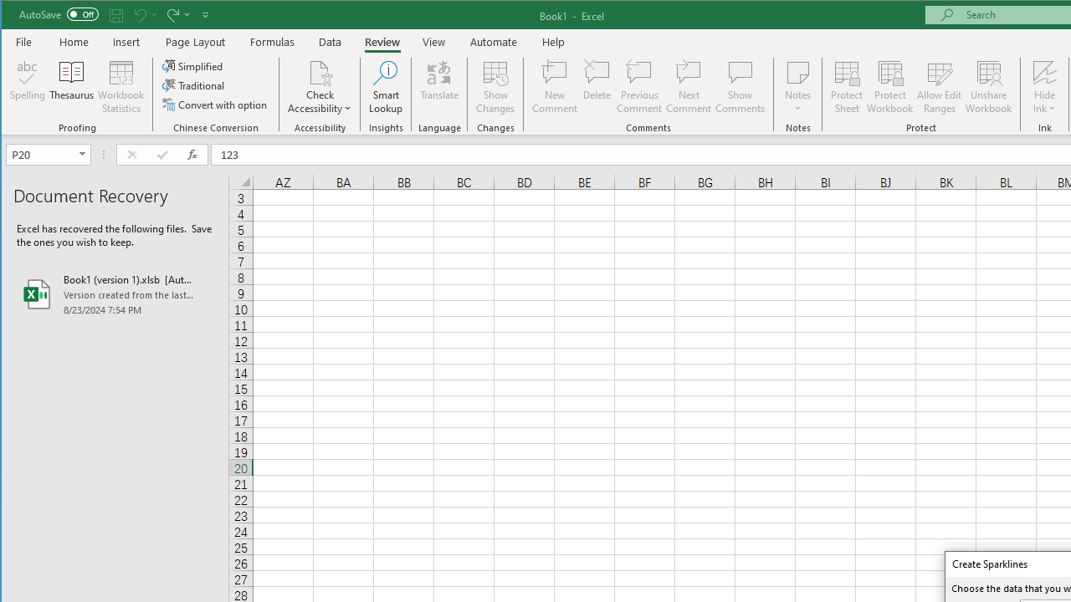 This screenshot has width=1071, height=602. Describe the element at coordinates (120, 87) in the screenshot. I see `'Workbook Statistics'` at that location.